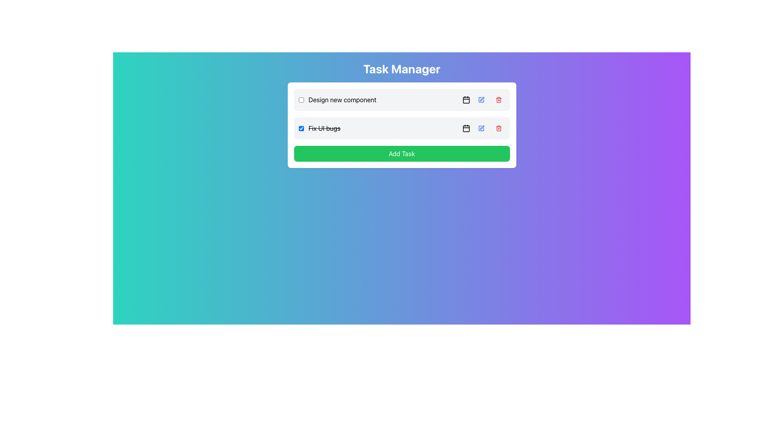  What do you see at coordinates (402, 68) in the screenshot?
I see `the static text header of the task manager application, which is located at the top section of the main content area, serving as the title for the interface` at bounding box center [402, 68].